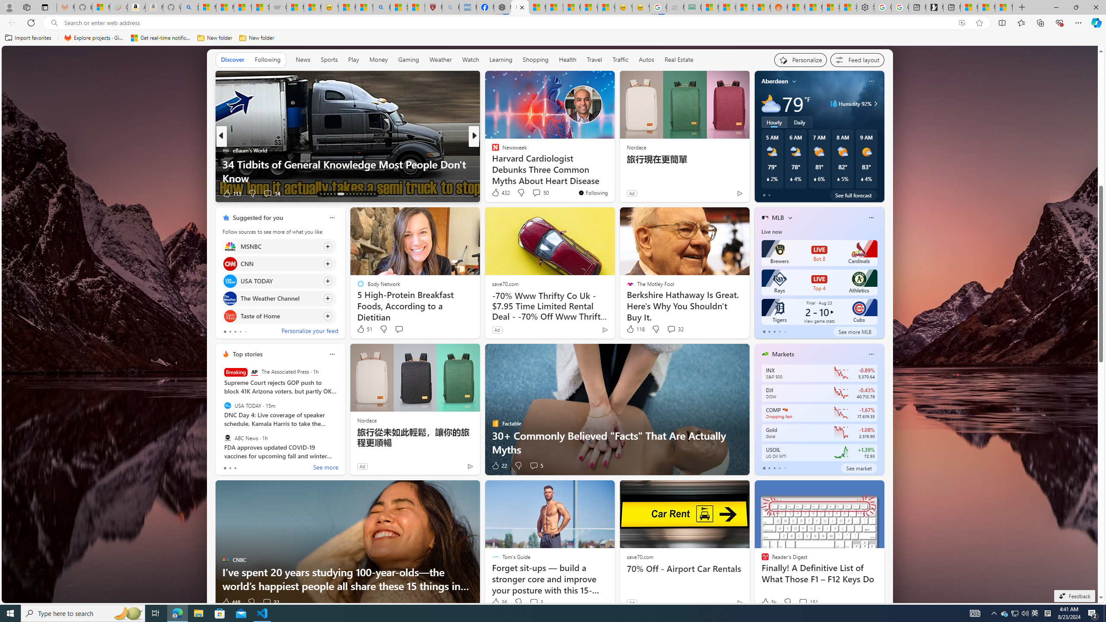  I want to click on '328 Like', so click(497, 193).